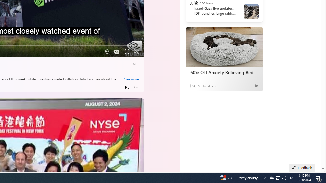  What do you see at coordinates (196, 3) in the screenshot?
I see `'ABC News'` at bounding box center [196, 3].